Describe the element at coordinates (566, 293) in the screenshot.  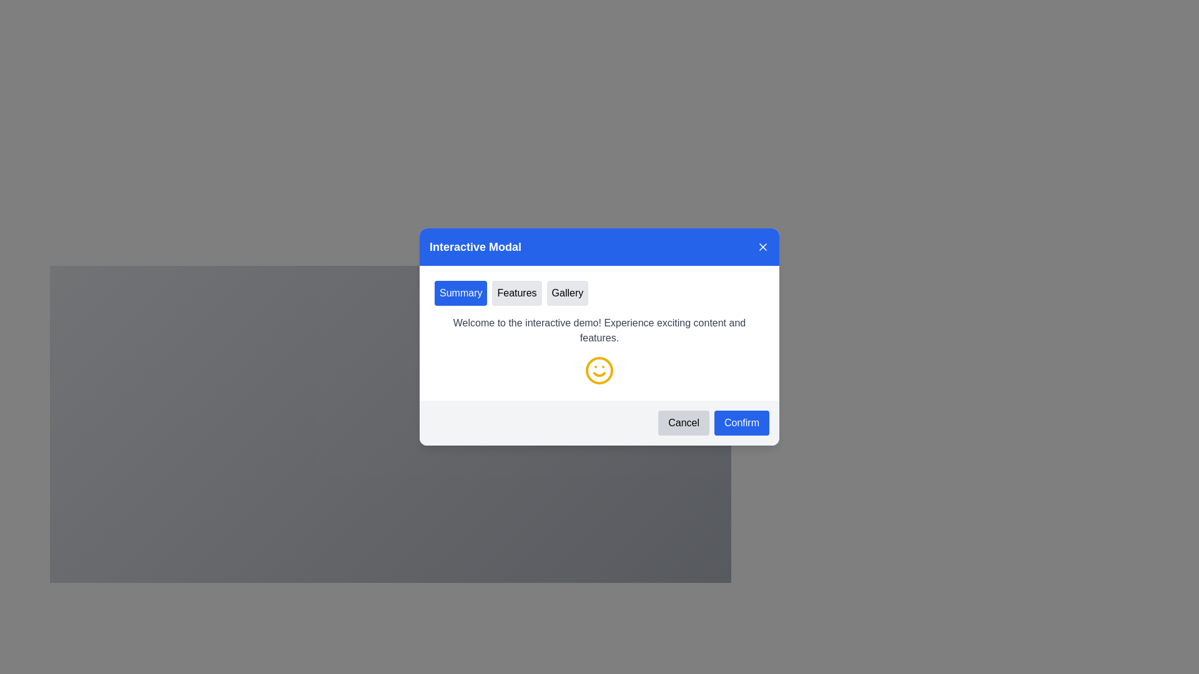
I see `the 'Gallery' button, which is the third button from the left in a modal dialog, to trigger a tooltip or visual effect` at that location.